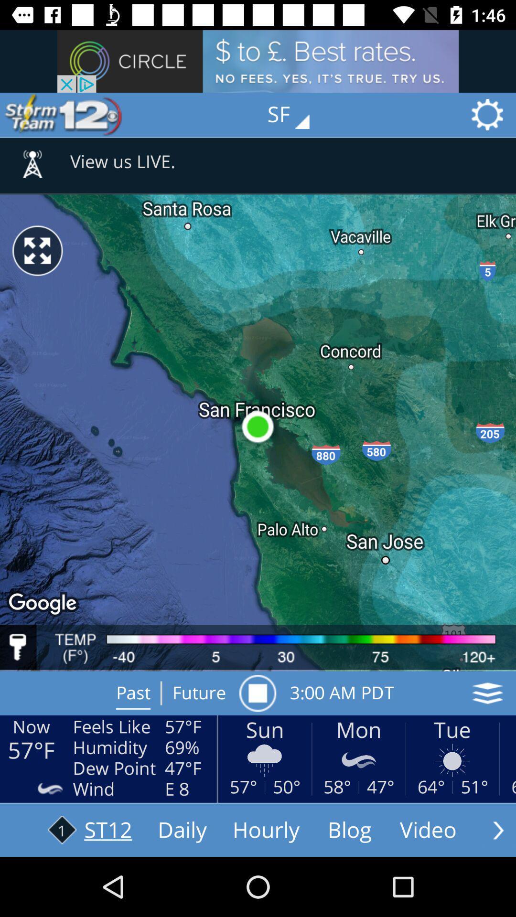  What do you see at coordinates (257, 693) in the screenshot?
I see `item to the left of 4 00 am icon` at bounding box center [257, 693].